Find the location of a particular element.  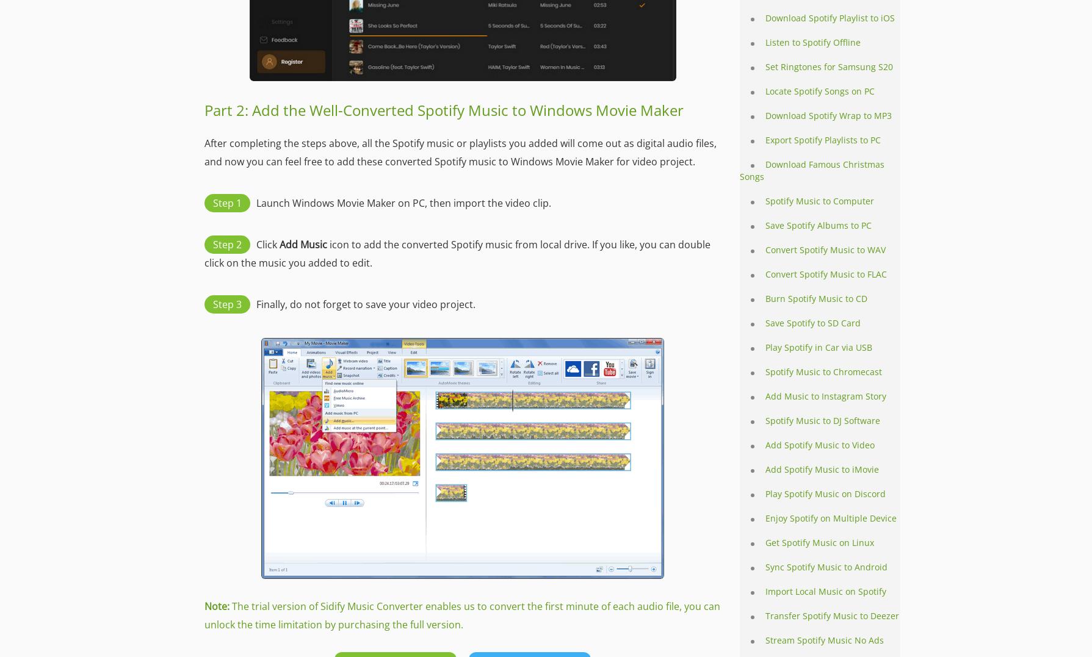

'Spotify Music to DJ Software' is located at coordinates (765, 420).